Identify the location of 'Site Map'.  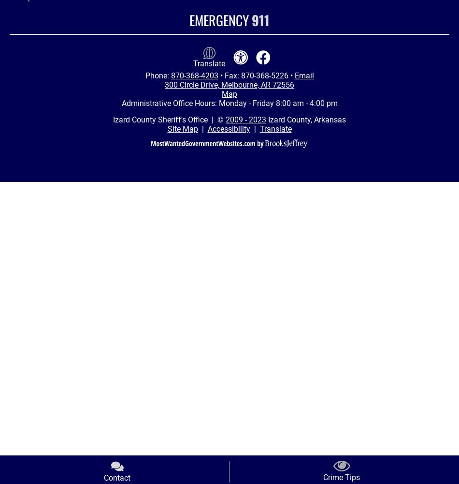
(182, 129).